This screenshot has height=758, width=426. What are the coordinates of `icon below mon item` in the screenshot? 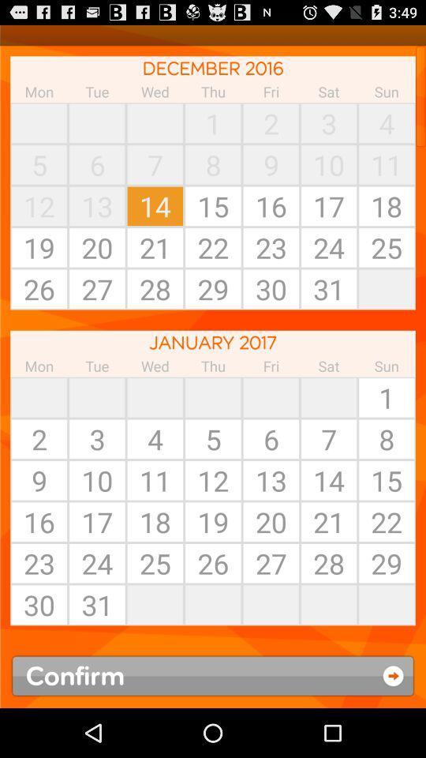 It's located at (39, 396).